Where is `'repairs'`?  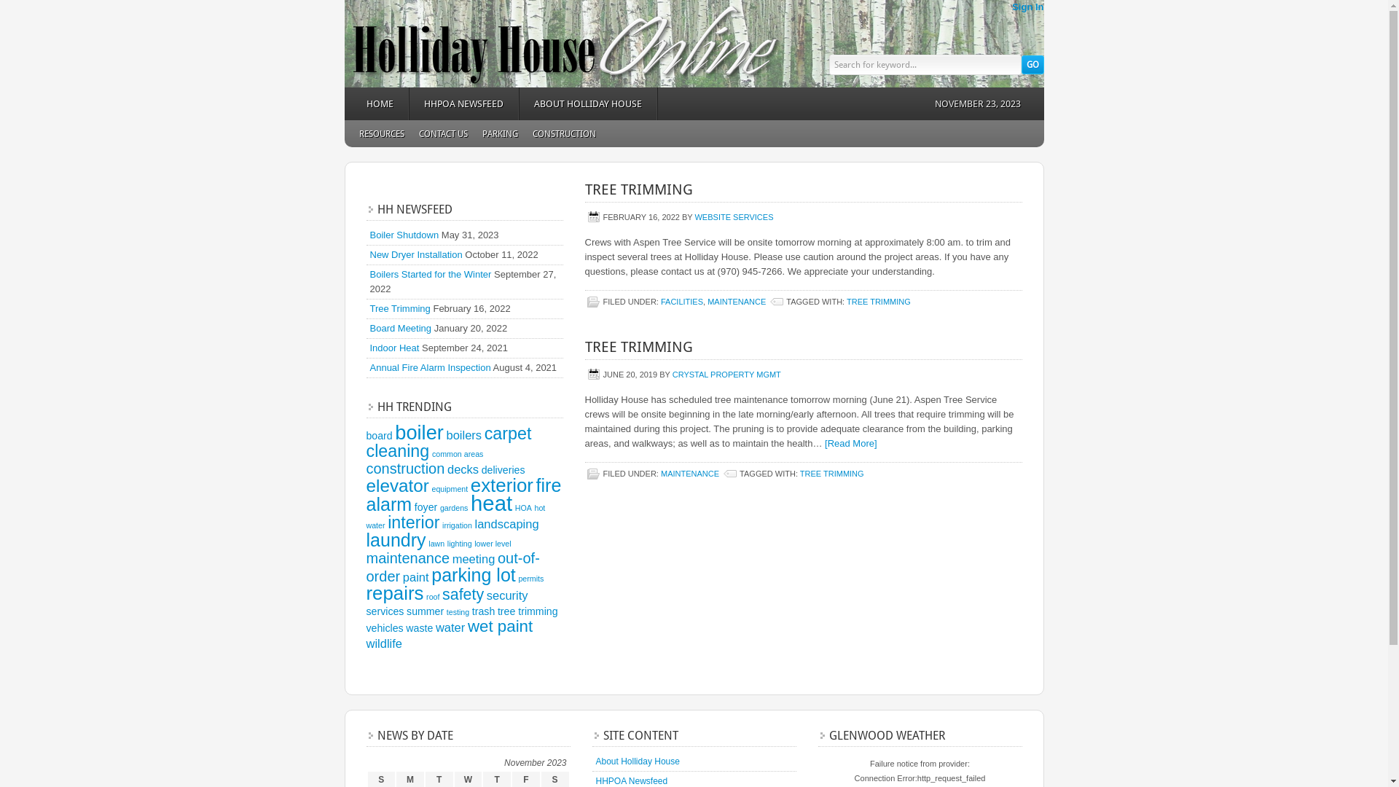
'repairs' is located at coordinates (394, 592).